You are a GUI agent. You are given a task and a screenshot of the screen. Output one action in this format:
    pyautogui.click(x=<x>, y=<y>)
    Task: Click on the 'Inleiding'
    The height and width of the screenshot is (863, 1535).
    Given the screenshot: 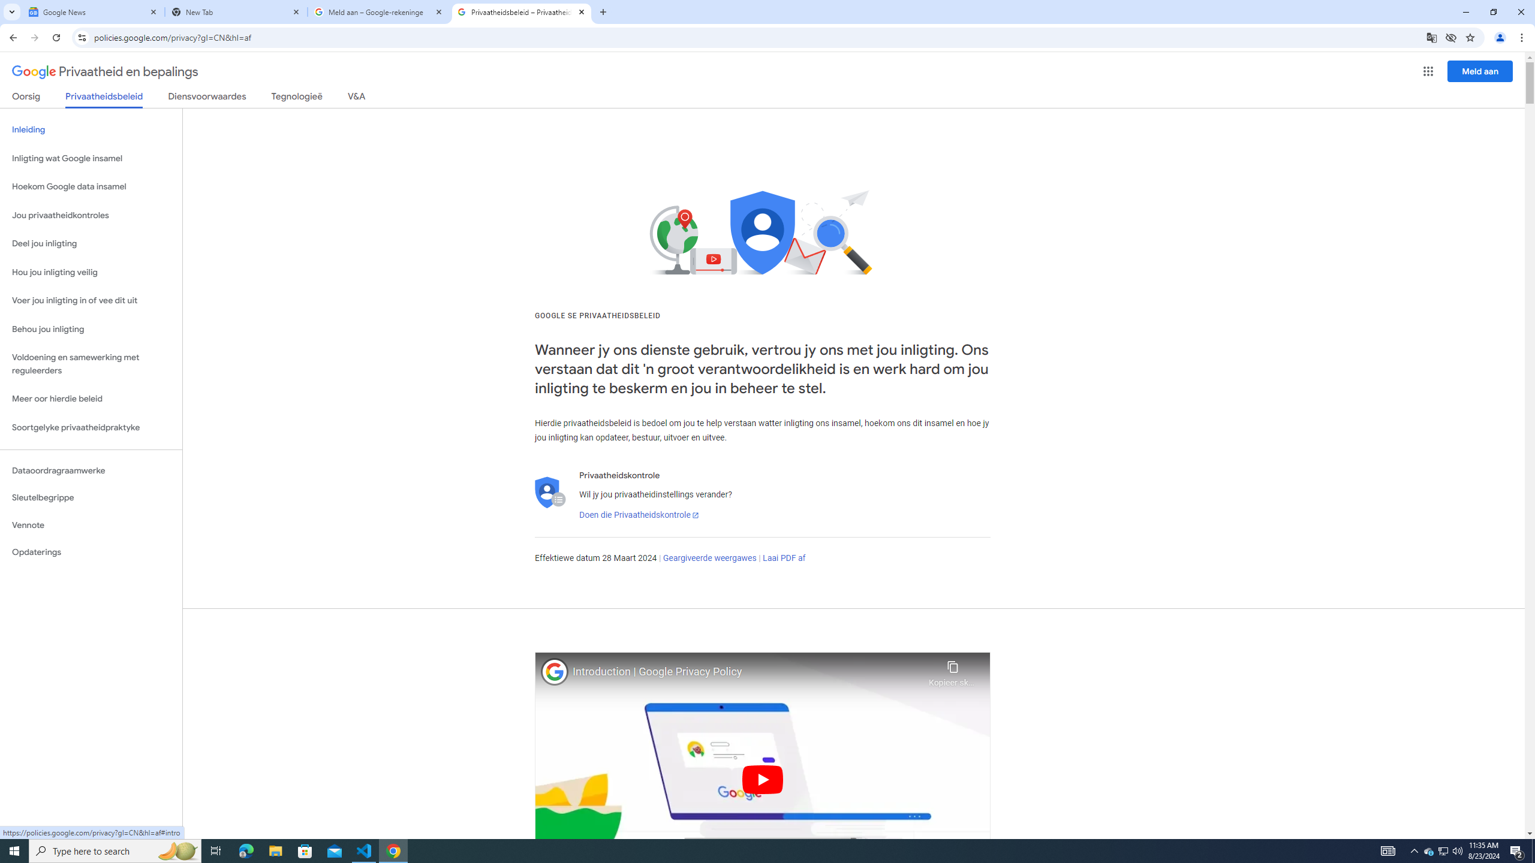 What is the action you would take?
    pyautogui.click(x=91, y=129)
    